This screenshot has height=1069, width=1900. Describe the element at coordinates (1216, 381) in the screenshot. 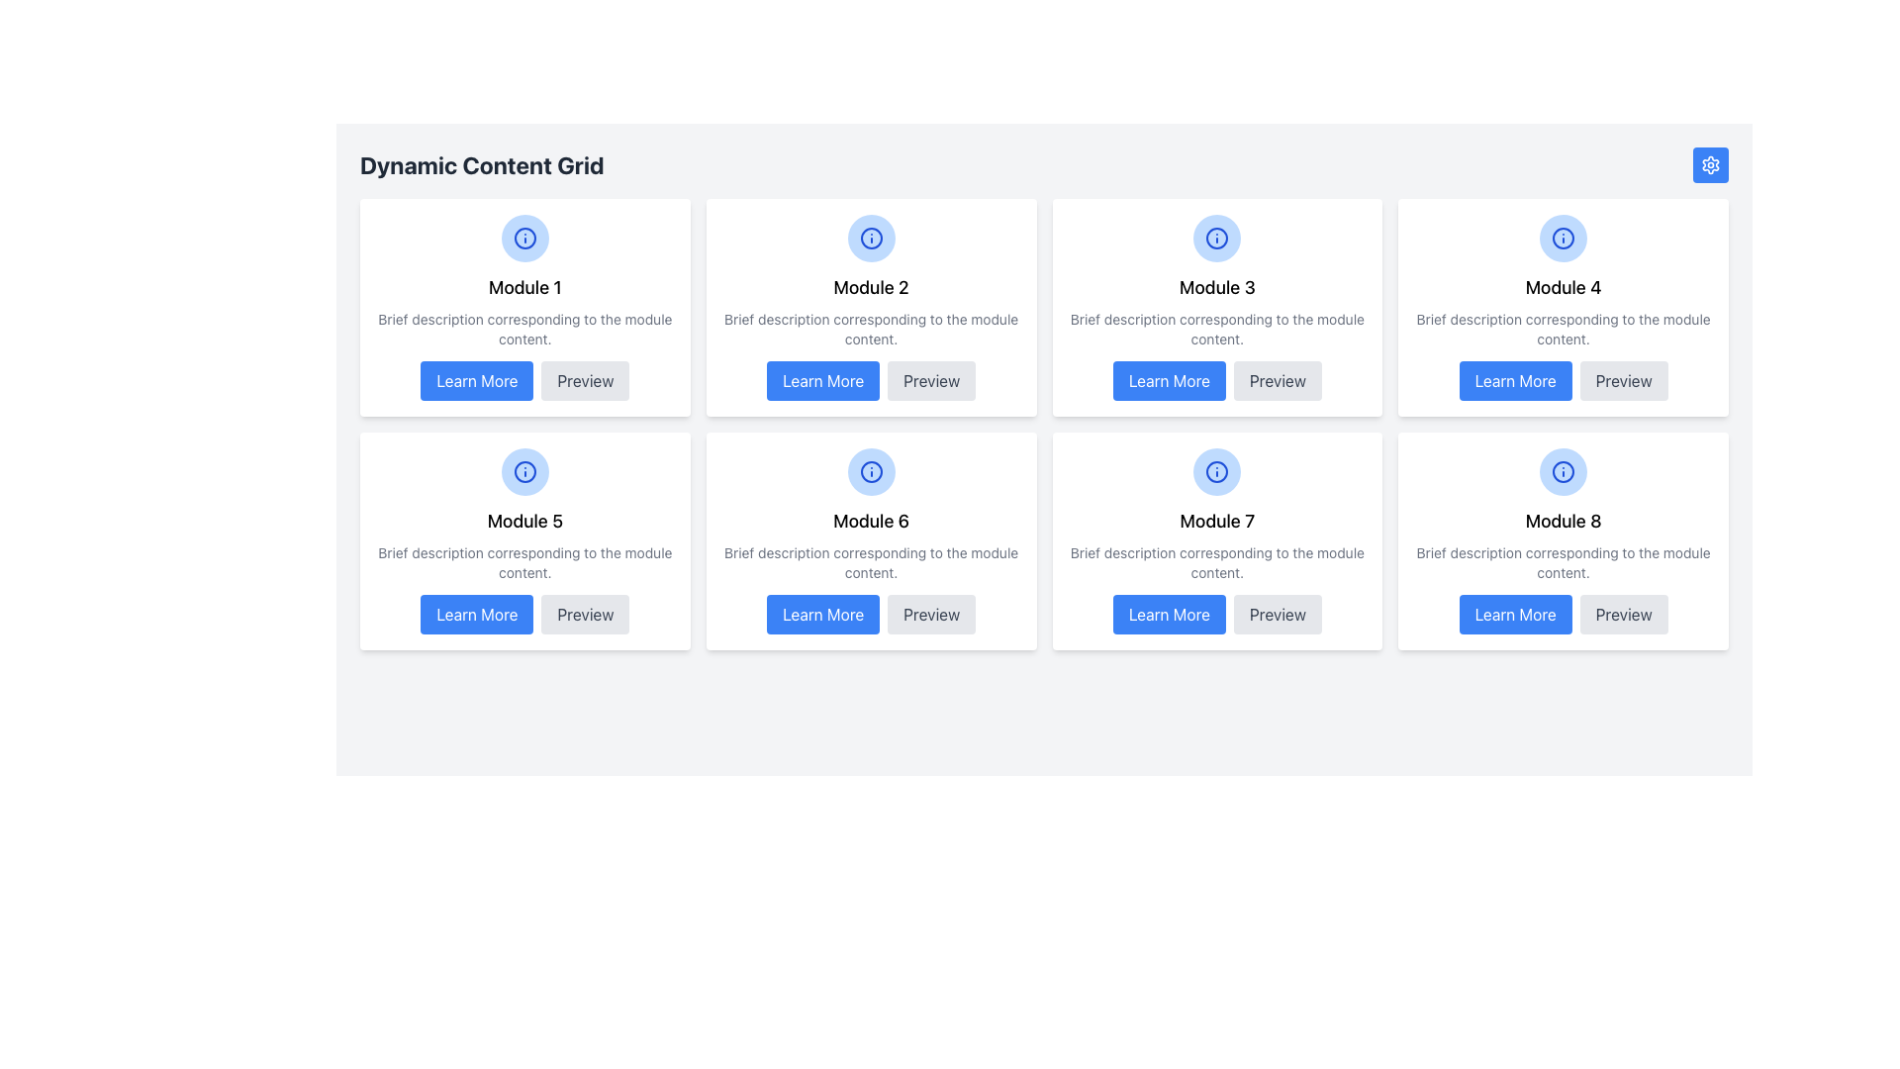

I see `the 'Module 3' button to observe hover effects, which is the first button in the bottom section of the card labeled 'Module 3' located centrally within the card layout` at that location.